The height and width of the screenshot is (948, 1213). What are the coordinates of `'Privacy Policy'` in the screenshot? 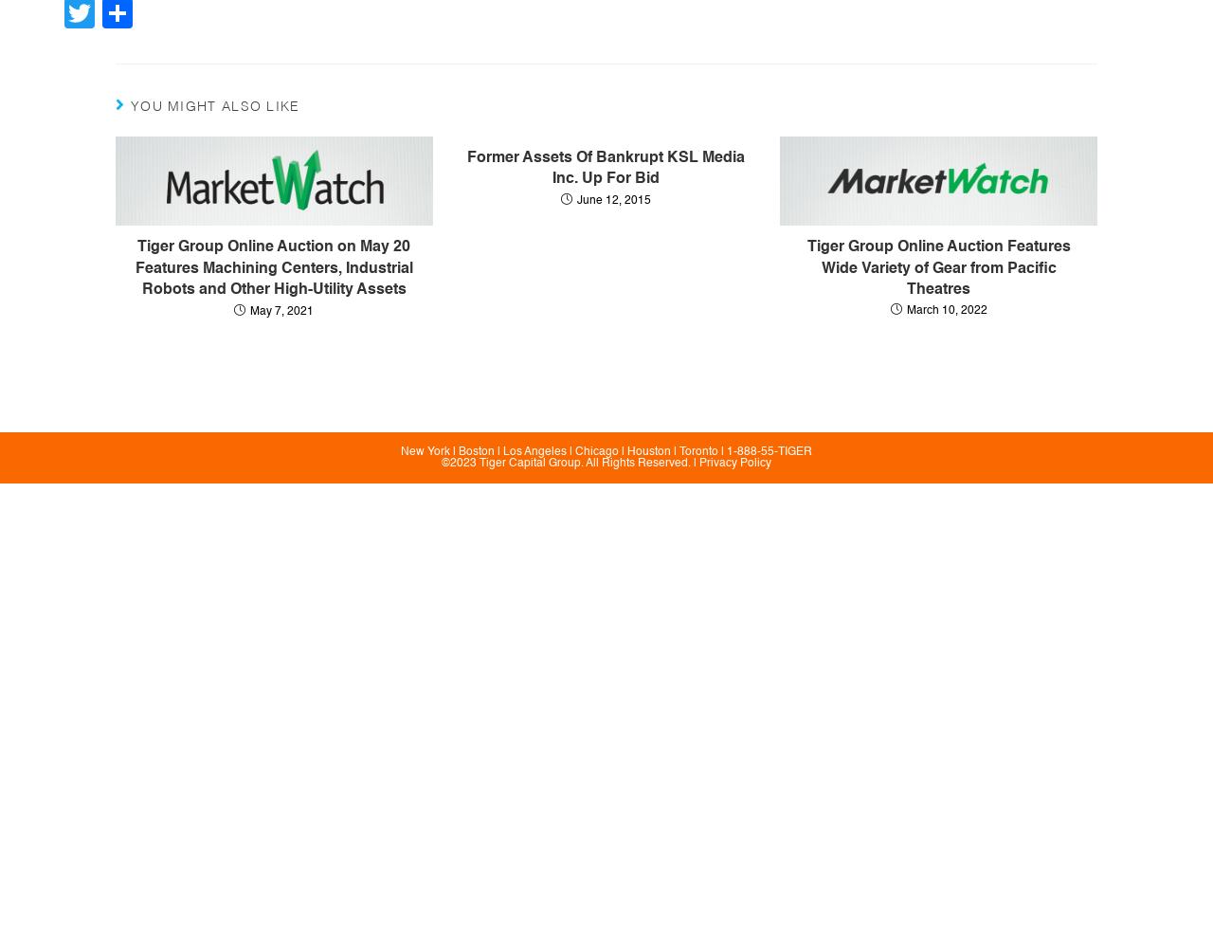 It's located at (733, 463).